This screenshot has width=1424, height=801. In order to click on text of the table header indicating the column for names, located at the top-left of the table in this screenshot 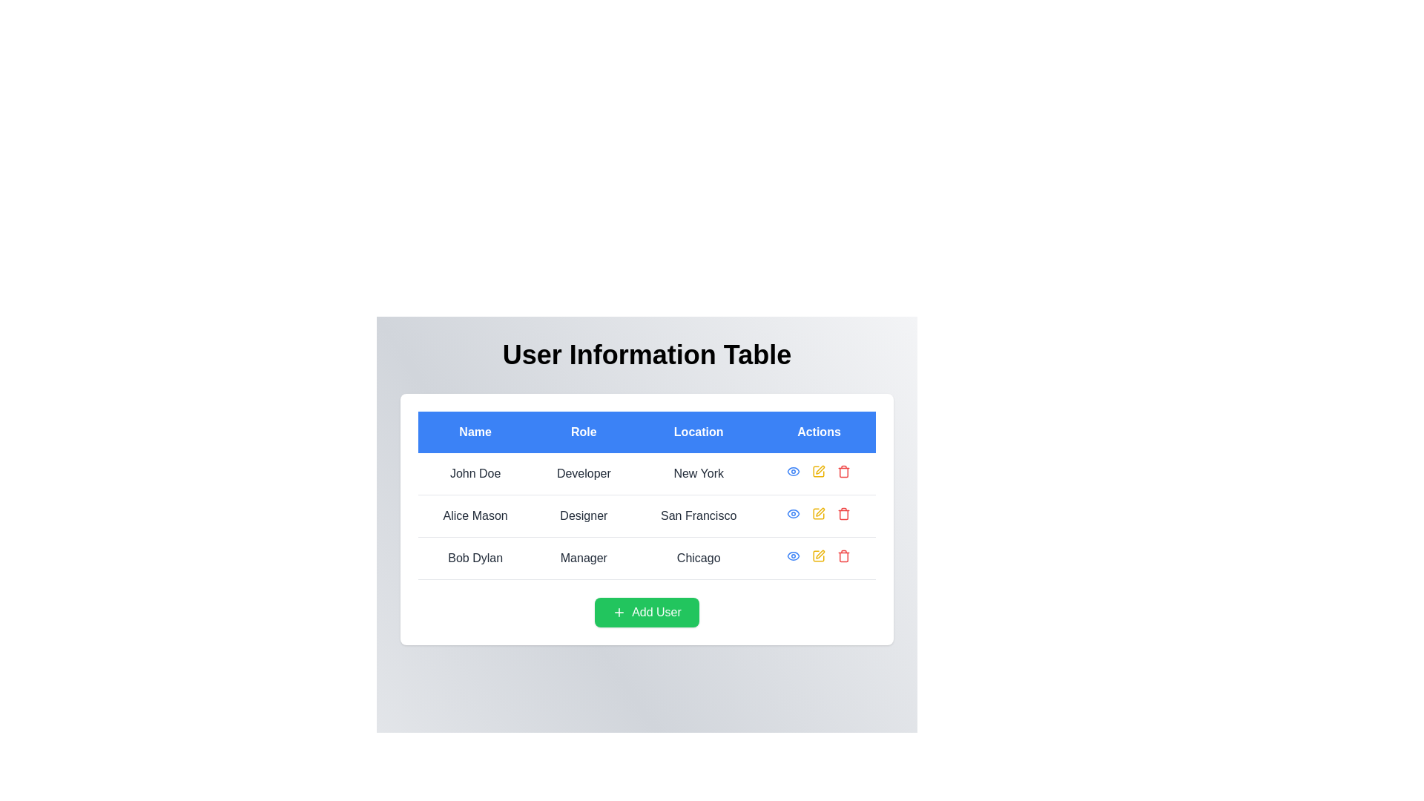, I will do `click(475, 432)`.